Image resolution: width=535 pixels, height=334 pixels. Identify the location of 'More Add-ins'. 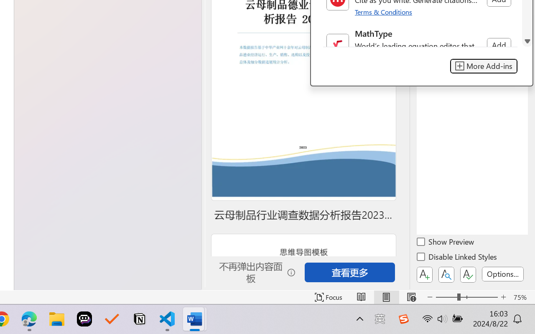
(484, 66).